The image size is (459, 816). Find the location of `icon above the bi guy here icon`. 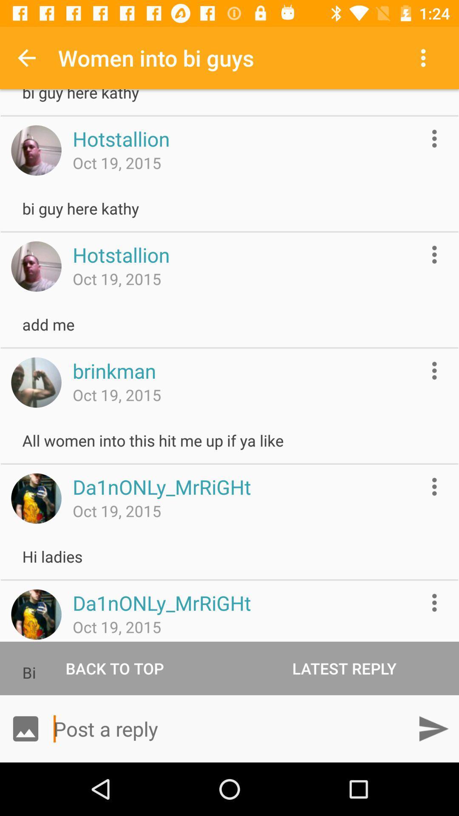

icon above the bi guy here icon is located at coordinates (26, 57).